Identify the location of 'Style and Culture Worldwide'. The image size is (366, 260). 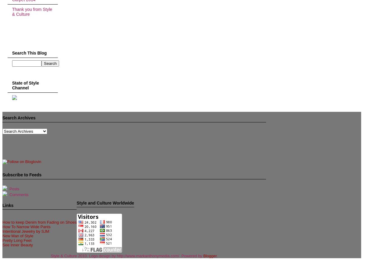
(105, 202).